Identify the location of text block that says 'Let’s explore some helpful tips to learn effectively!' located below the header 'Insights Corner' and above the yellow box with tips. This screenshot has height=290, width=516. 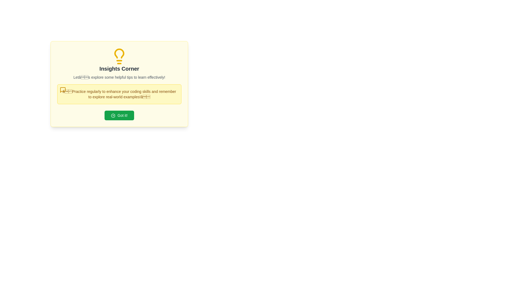
(119, 77).